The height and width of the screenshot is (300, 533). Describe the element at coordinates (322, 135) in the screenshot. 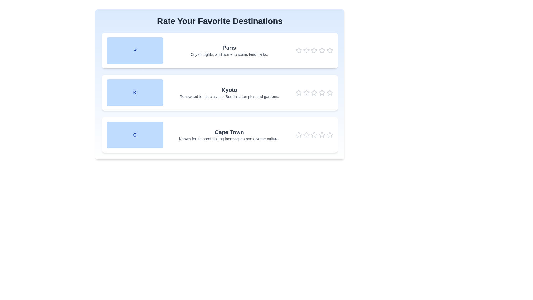

I see `the fifth Star Rating Icon in the rating section for the 'Cape Town' item to indicate an intention to rate` at that location.